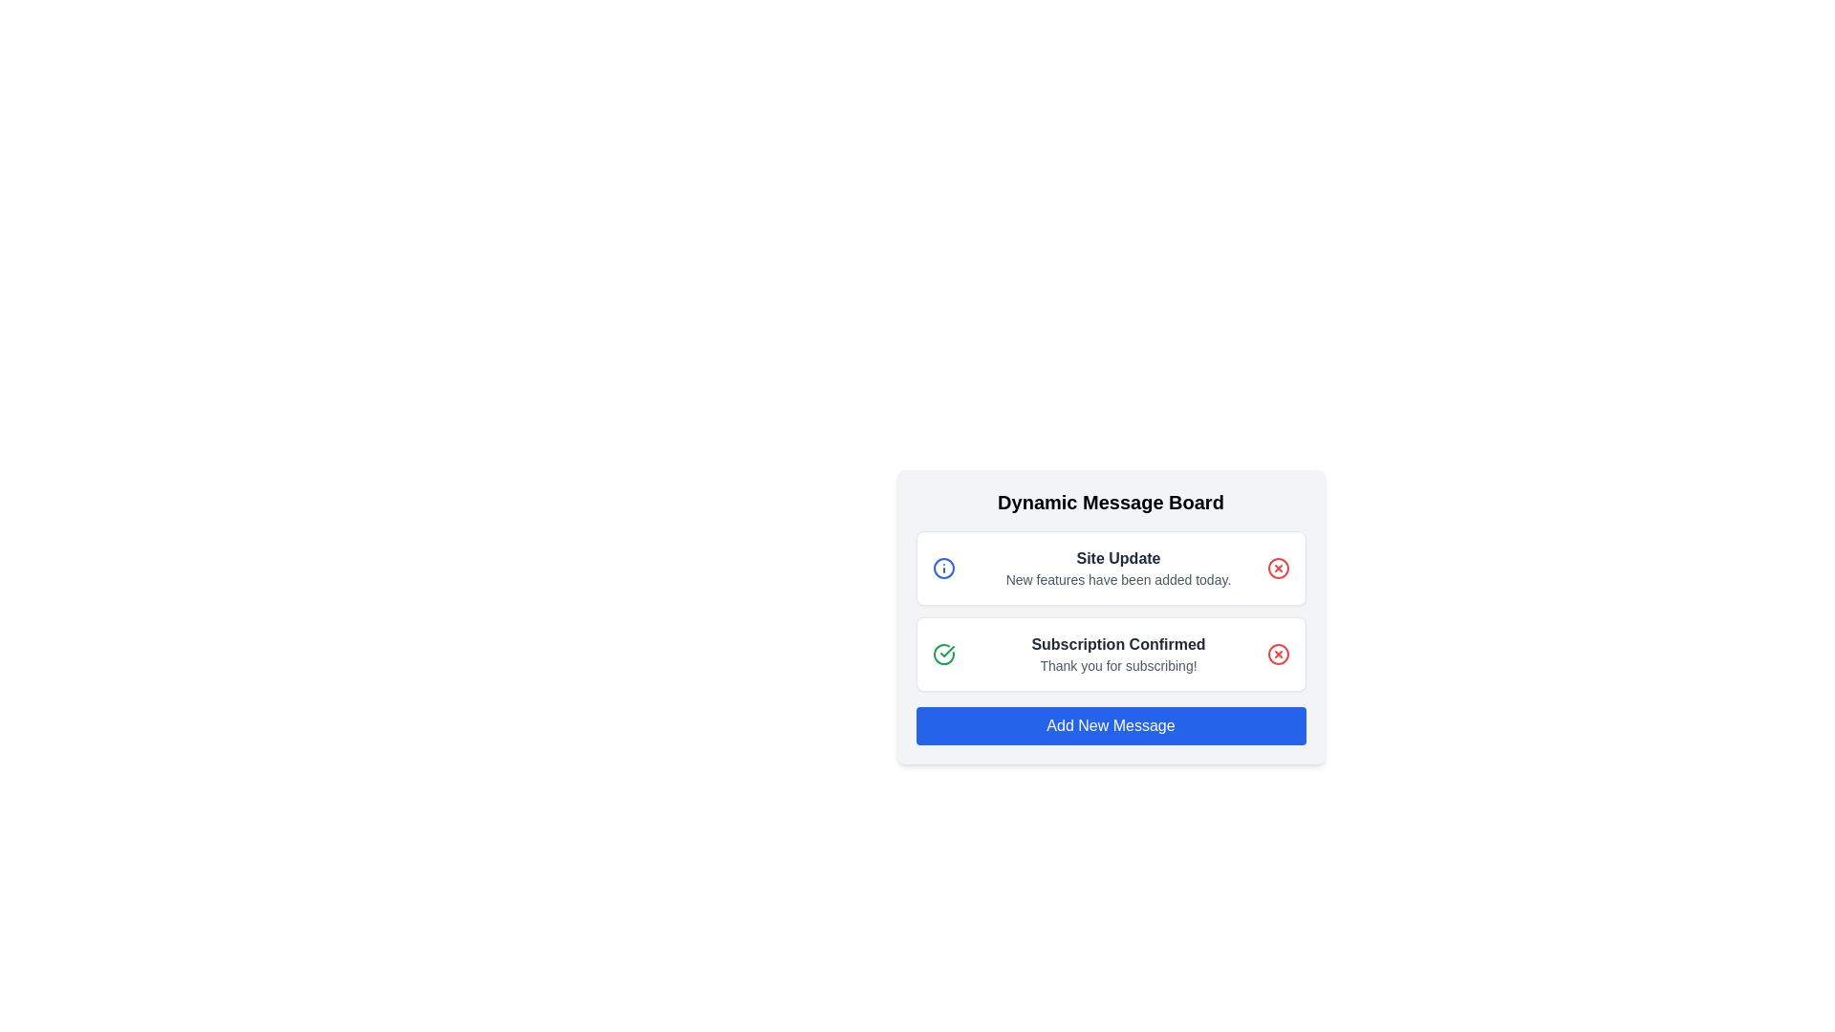 The image size is (1835, 1032). Describe the element at coordinates (1111, 501) in the screenshot. I see `the text element displaying 'Dynamic Message Board', which is styled in bold, large font, centered alignment, and black color, serving as the header for its section` at that location.